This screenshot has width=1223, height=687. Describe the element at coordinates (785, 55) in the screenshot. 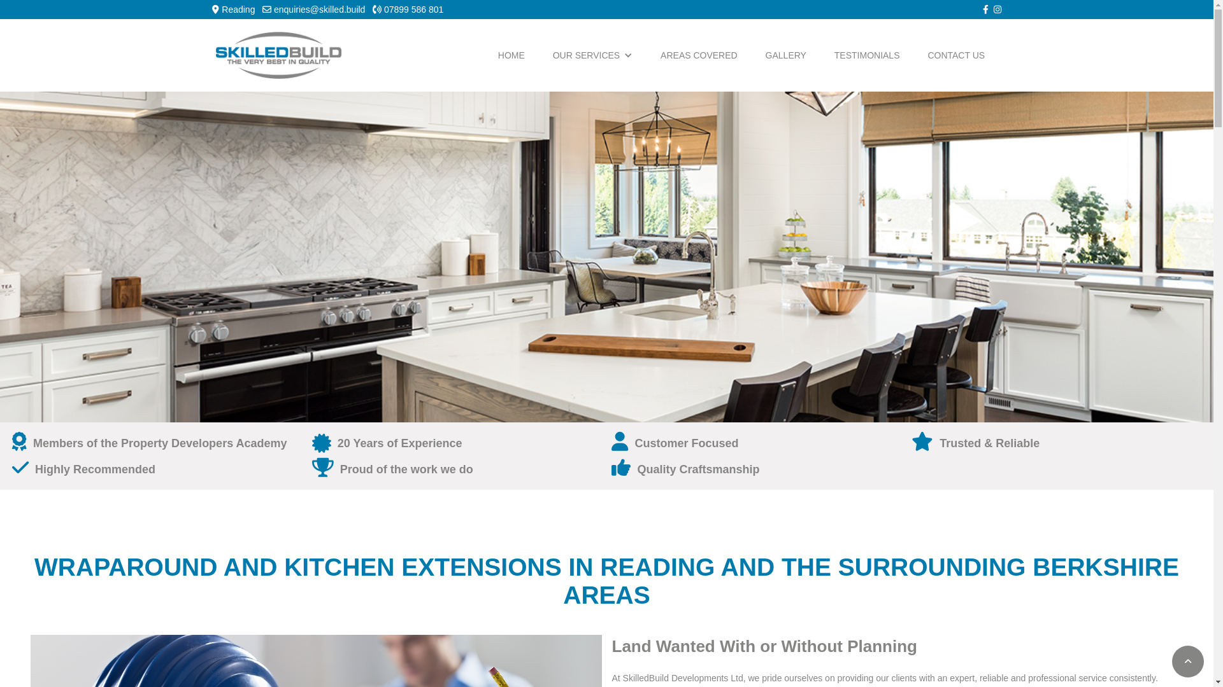

I see `'GALLERY'` at that location.